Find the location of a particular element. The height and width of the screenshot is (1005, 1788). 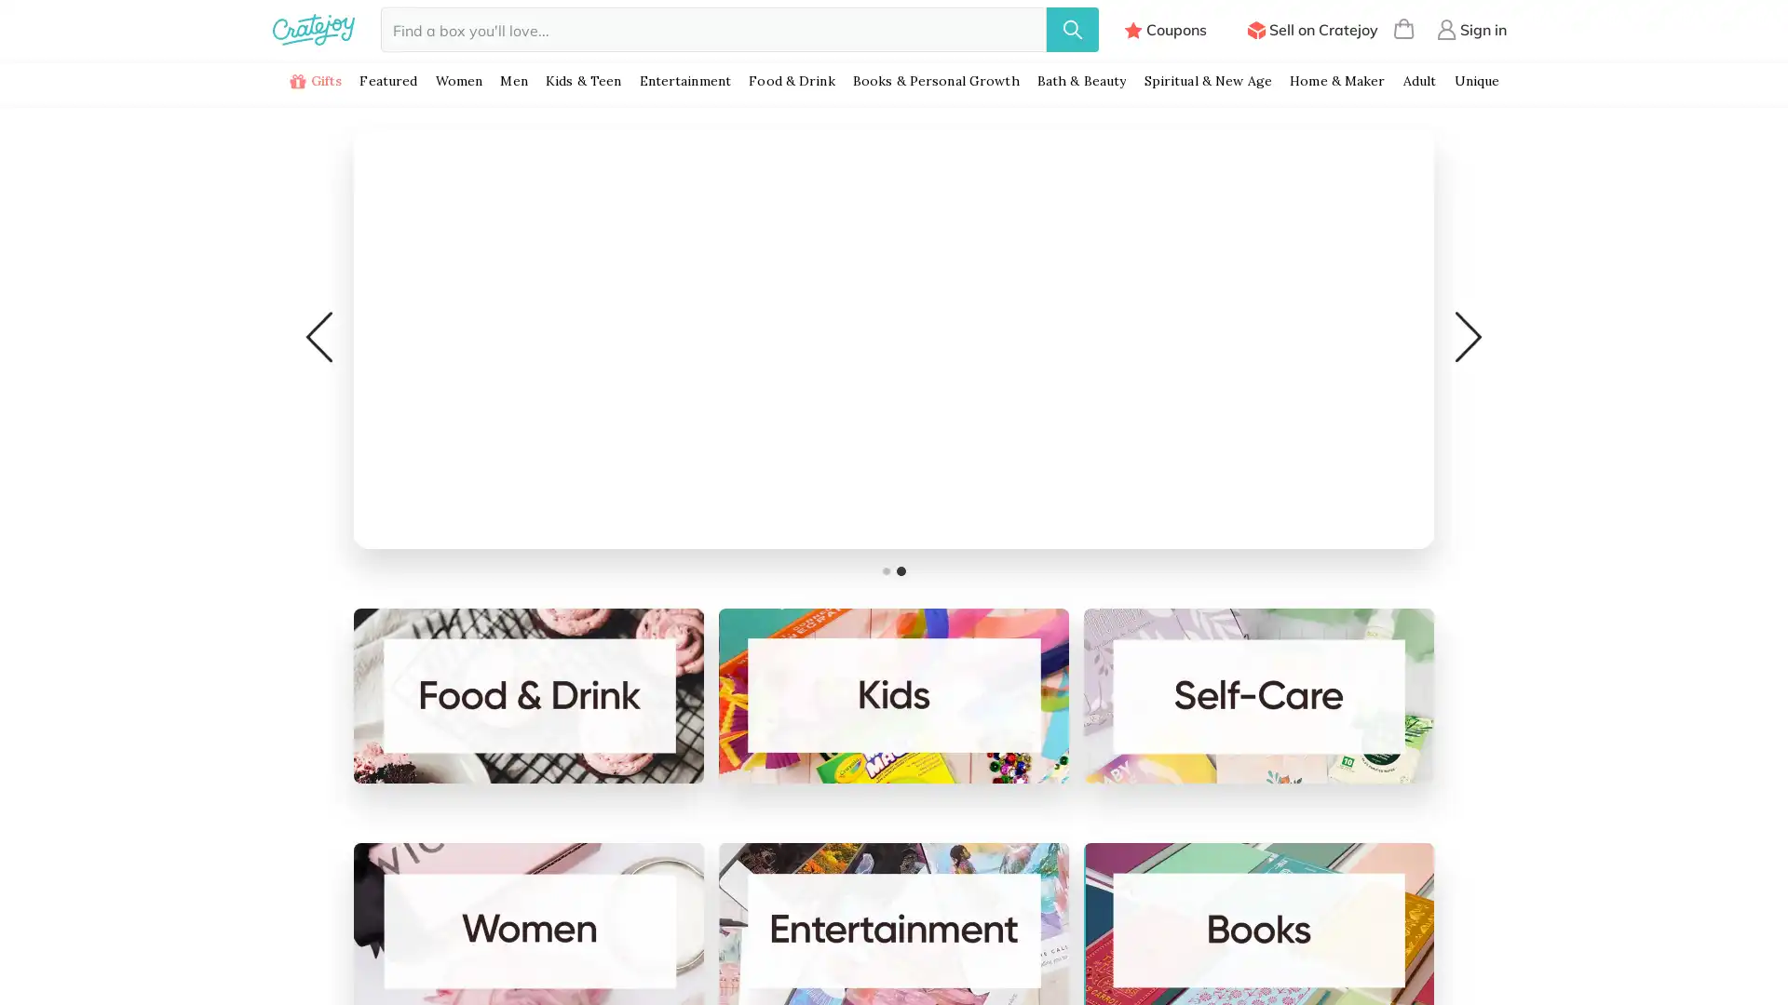

Search subscription boxes is located at coordinates (1072, 29).